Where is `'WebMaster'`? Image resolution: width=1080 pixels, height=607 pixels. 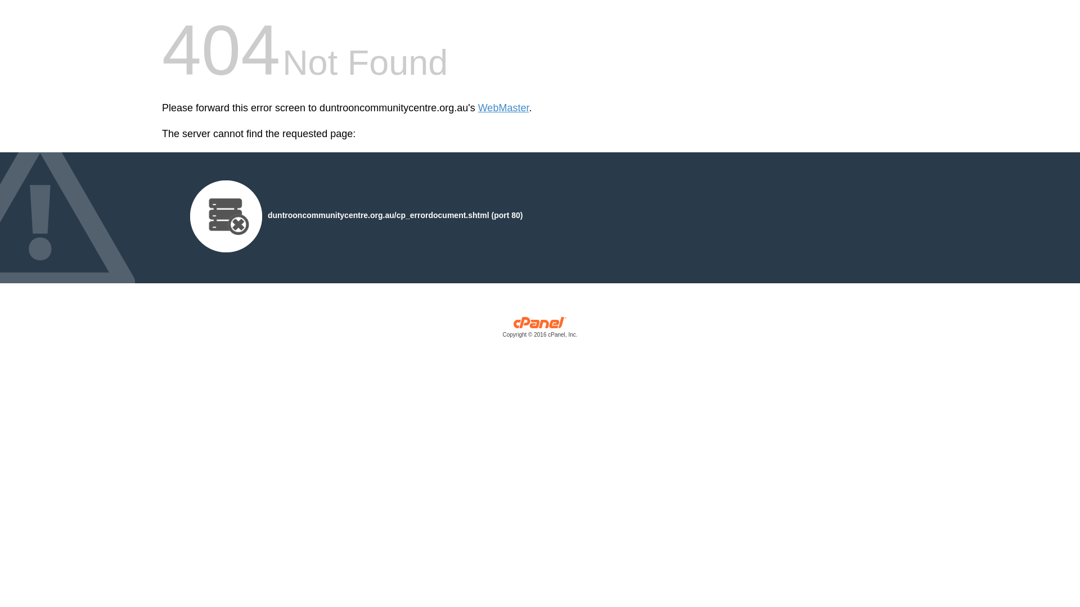
'WebMaster' is located at coordinates (478, 108).